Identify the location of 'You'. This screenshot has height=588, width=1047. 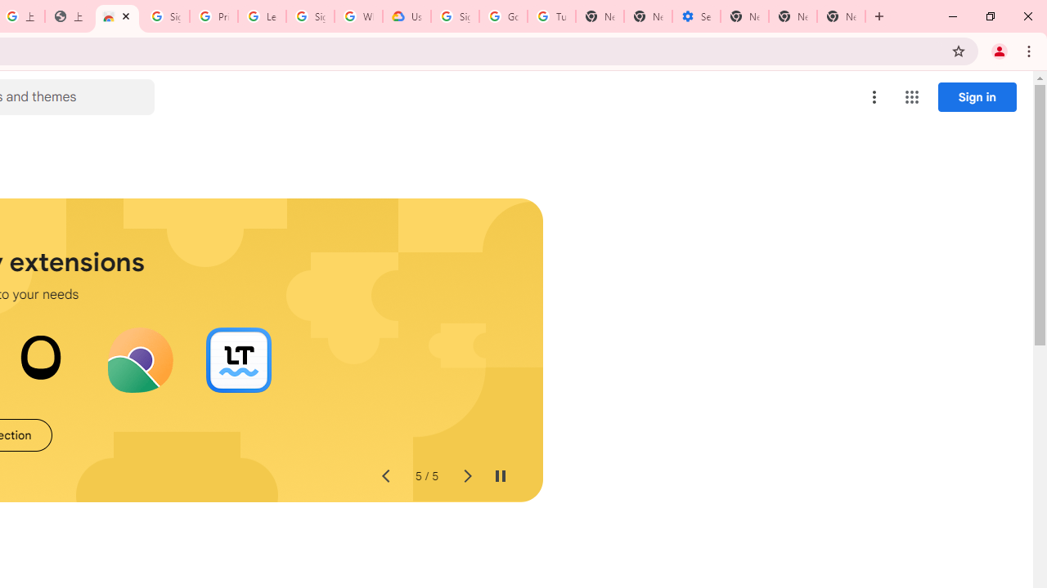
(998, 50).